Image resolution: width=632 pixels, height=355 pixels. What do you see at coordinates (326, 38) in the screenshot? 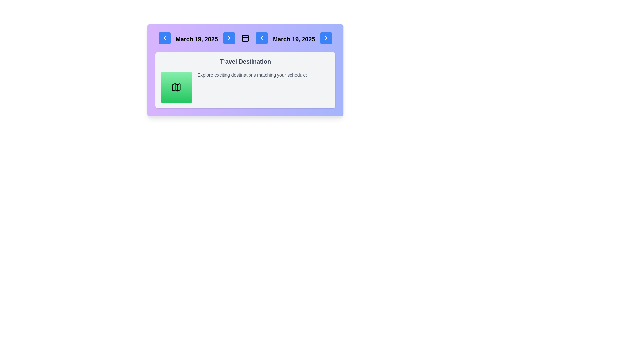
I see `the right-pointing arrow icon button located within a blue rounded button at the top-right of the calendar interface` at bounding box center [326, 38].